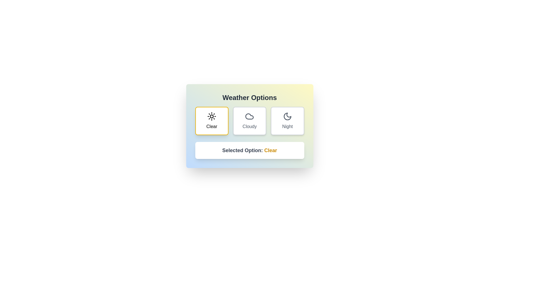  What do you see at coordinates (250, 126) in the screenshot?
I see `the text label displaying 'Cloudy', which is styled in gray and located below a cloud icon` at bounding box center [250, 126].